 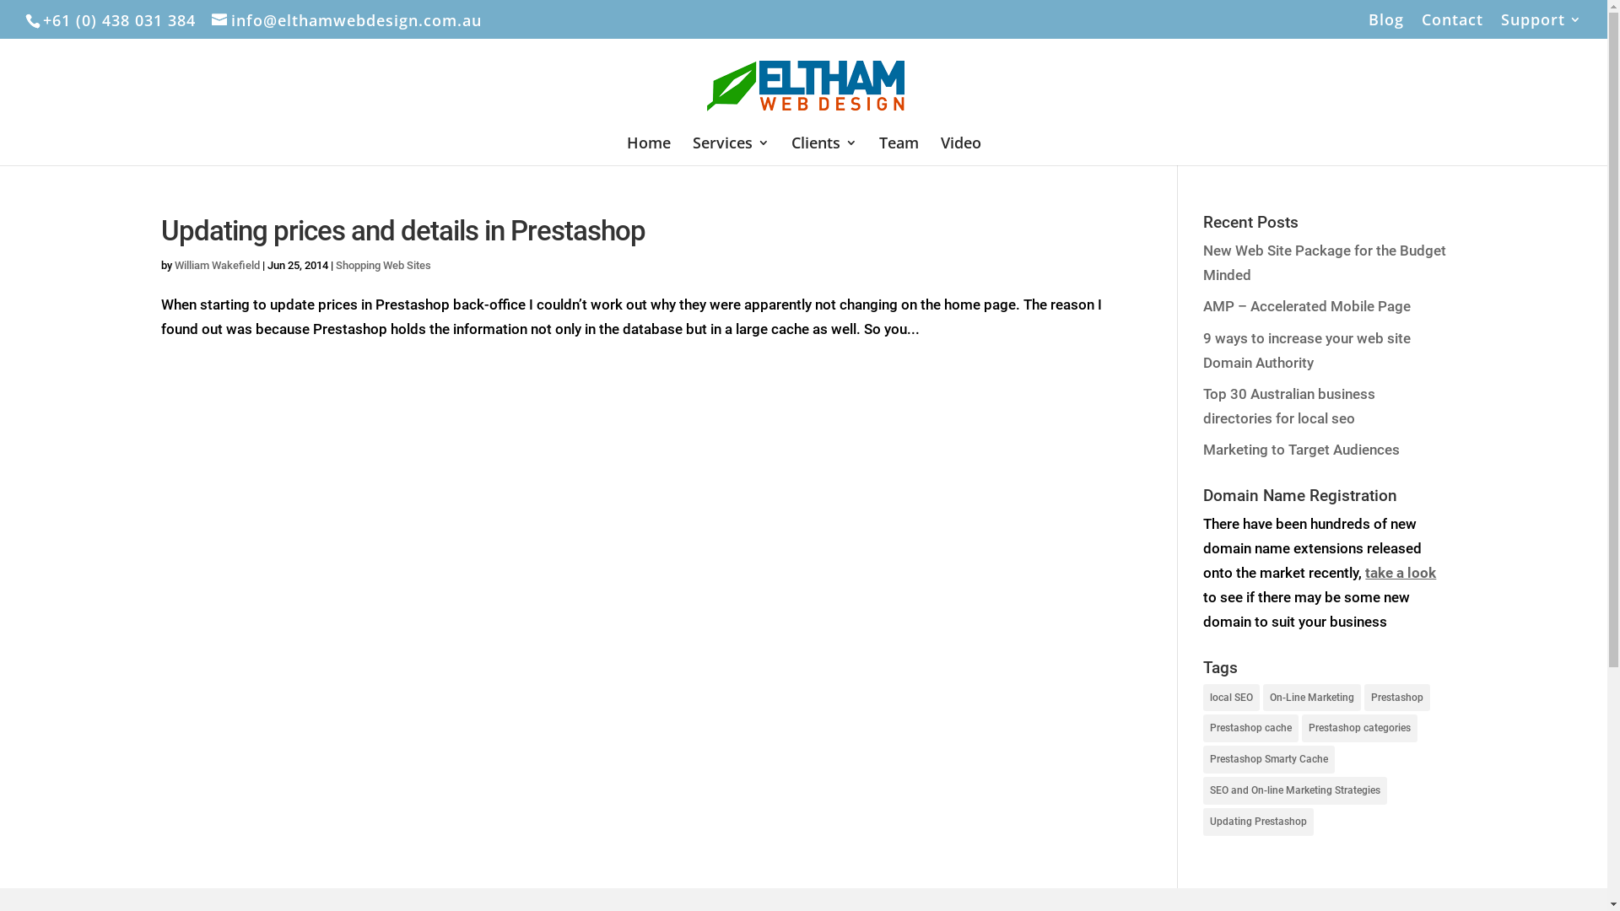 What do you see at coordinates (1401, 571) in the screenshot?
I see `'take a look'` at bounding box center [1401, 571].